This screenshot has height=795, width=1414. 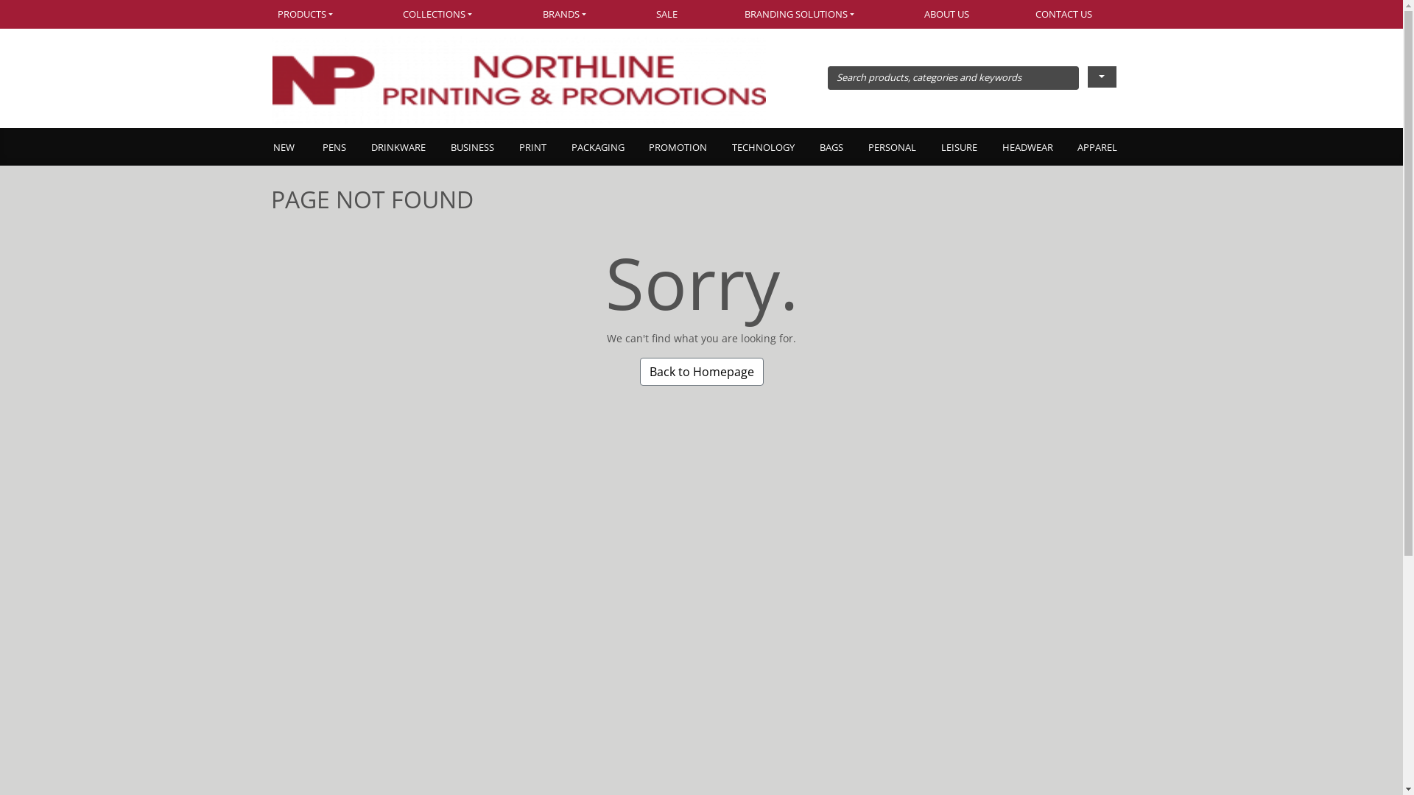 What do you see at coordinates (1097, 148) in the screenshot?
I see `'APPAREL'` at bounding box center [1097, 148].